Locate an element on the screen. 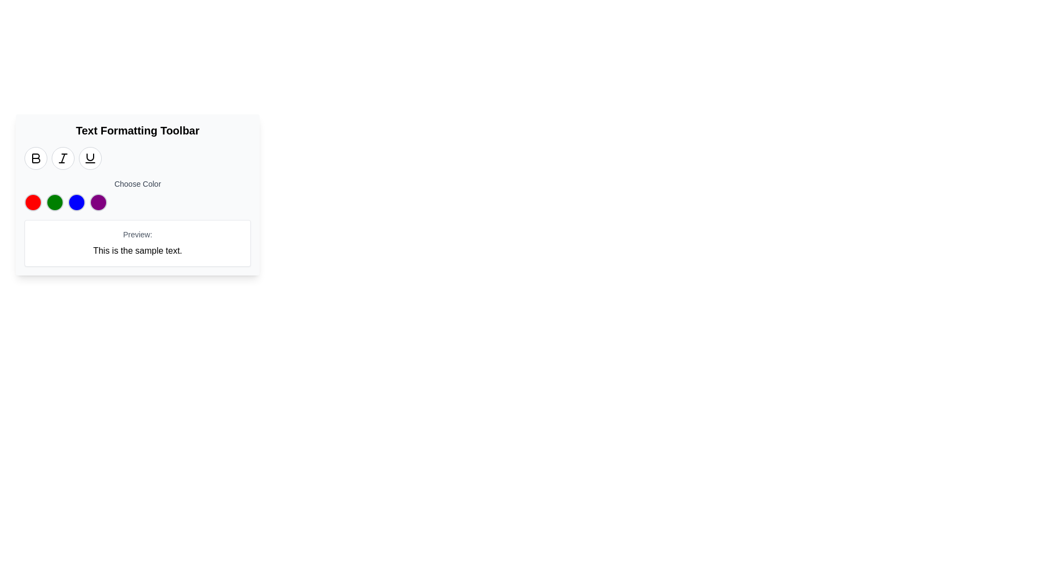  the text element displaying 'This is the sample text.' located beneath the 'Preview:' header is located at coordinates (137, 251).